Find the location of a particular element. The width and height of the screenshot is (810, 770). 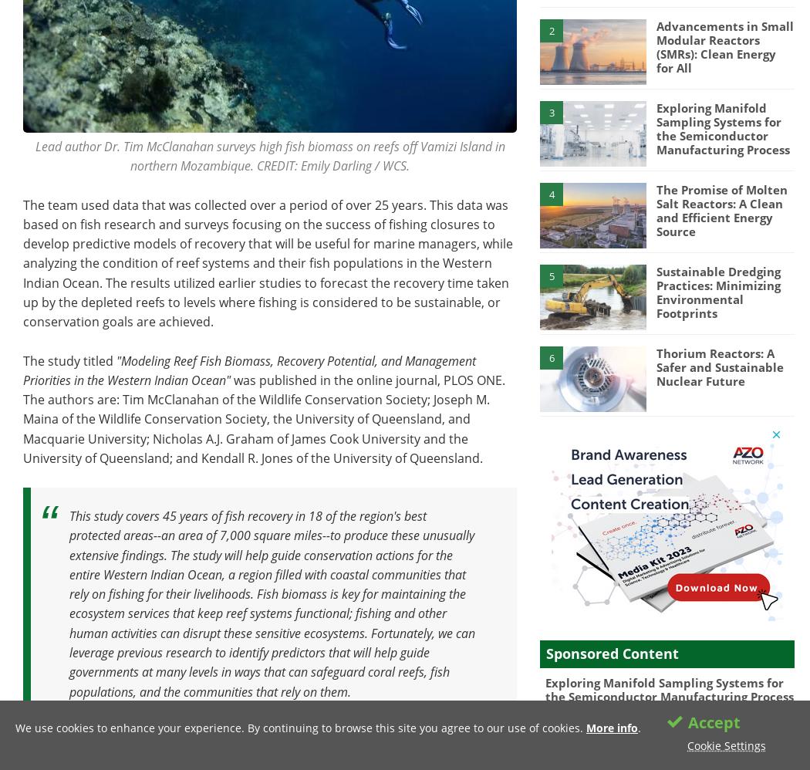

'TOFWERK' is located at coordinates (596, 719).